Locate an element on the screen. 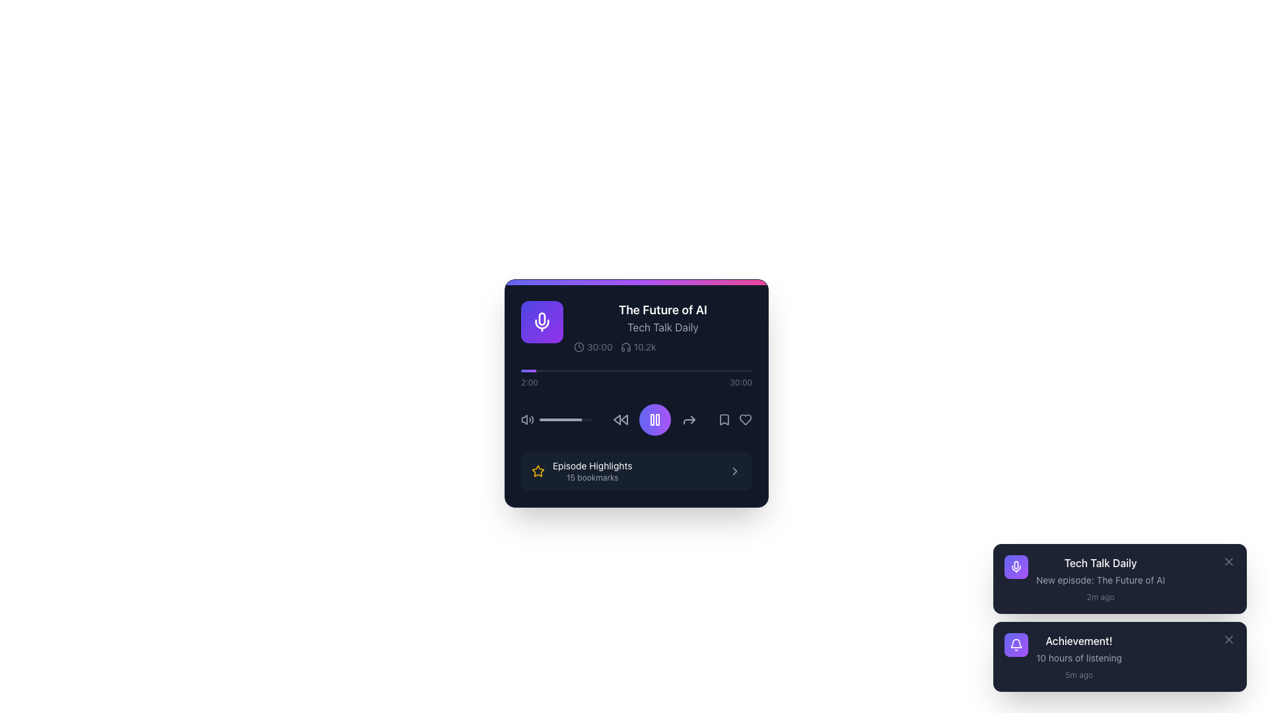  the appearance of the microphone icon, which is white on a gradient purple background, located in the top-left corner of the podcast information card interface is located at coordinates (542, 322).